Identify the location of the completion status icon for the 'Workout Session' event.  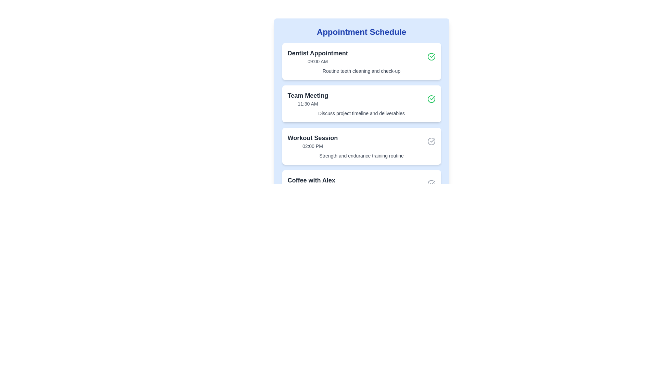
(431, 141).